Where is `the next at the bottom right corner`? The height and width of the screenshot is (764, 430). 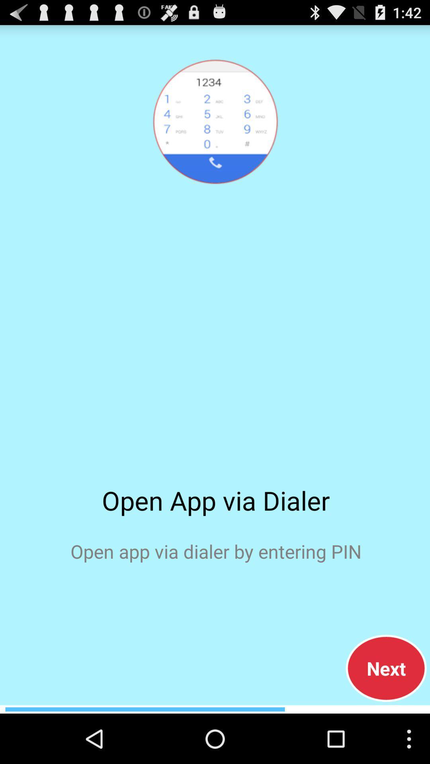 the next at the bottom right corner is located at coordinates (386, 668).